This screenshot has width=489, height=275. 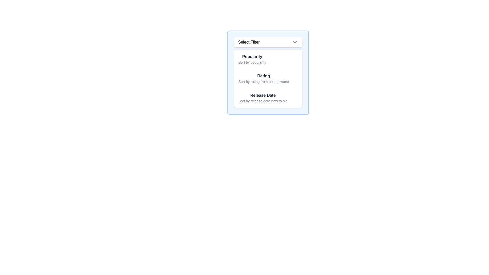 I want to click on the description text that explains the 'Rating' label, which is centrally aligned below the bold 'Rating' text in the dropdown menu popup, so click(x=264, y=81).